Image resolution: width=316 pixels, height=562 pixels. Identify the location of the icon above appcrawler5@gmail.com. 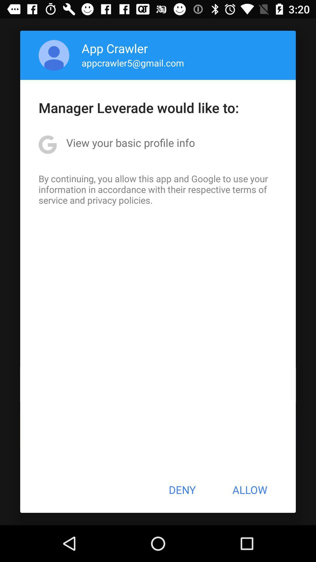
(115, 48).